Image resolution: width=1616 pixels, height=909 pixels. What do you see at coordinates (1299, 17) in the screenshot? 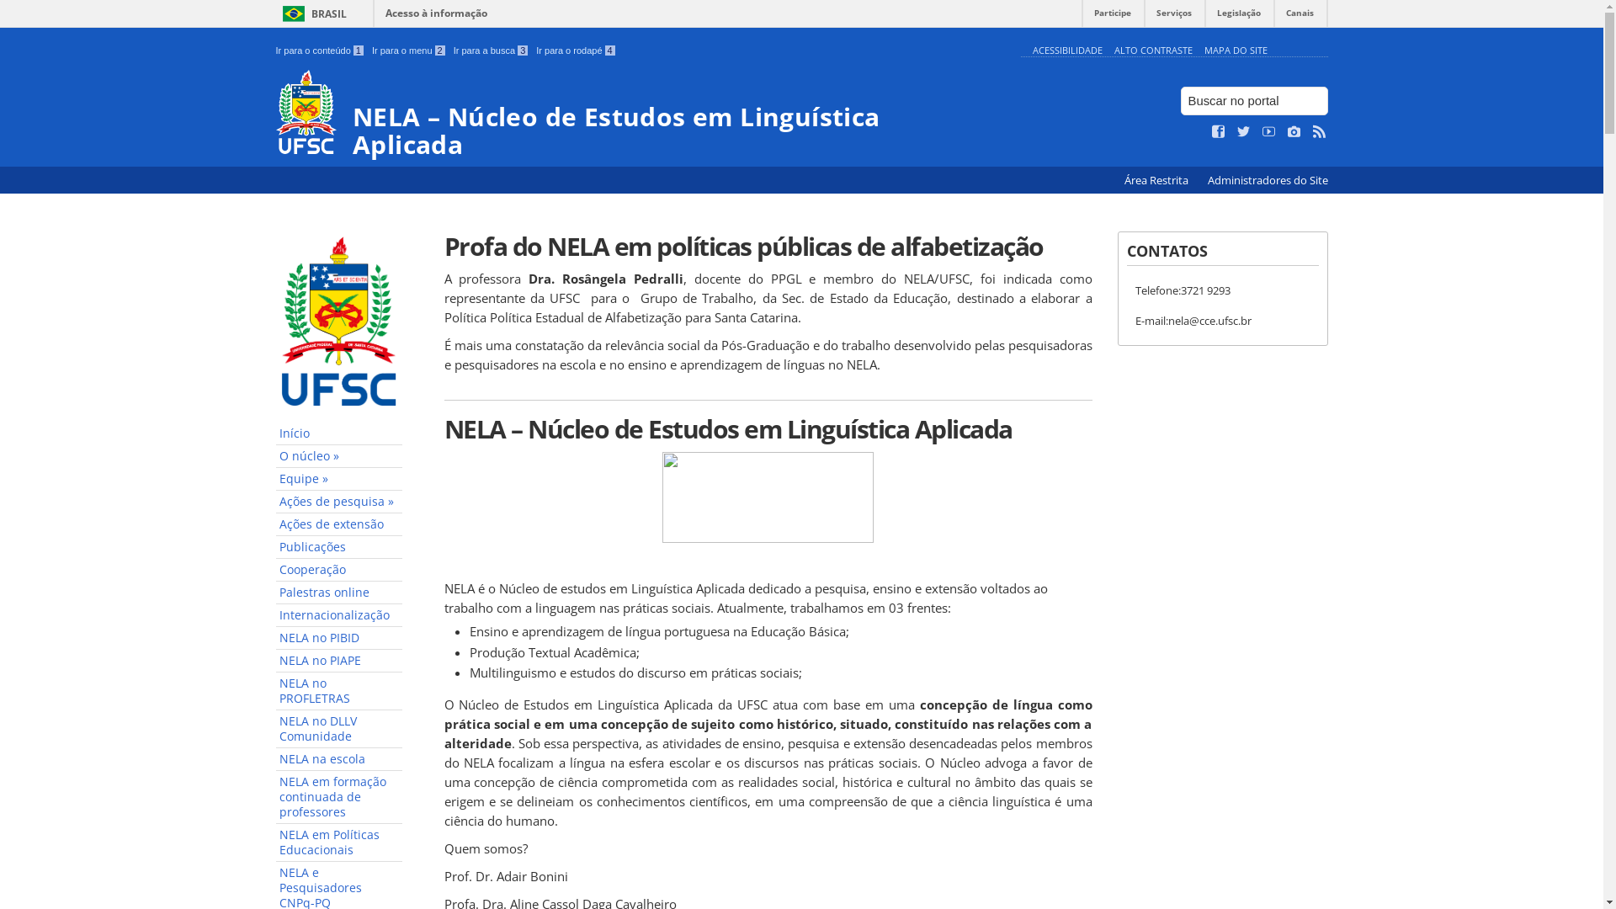
I see `'Canais'` at bounding box center [1299, 17].